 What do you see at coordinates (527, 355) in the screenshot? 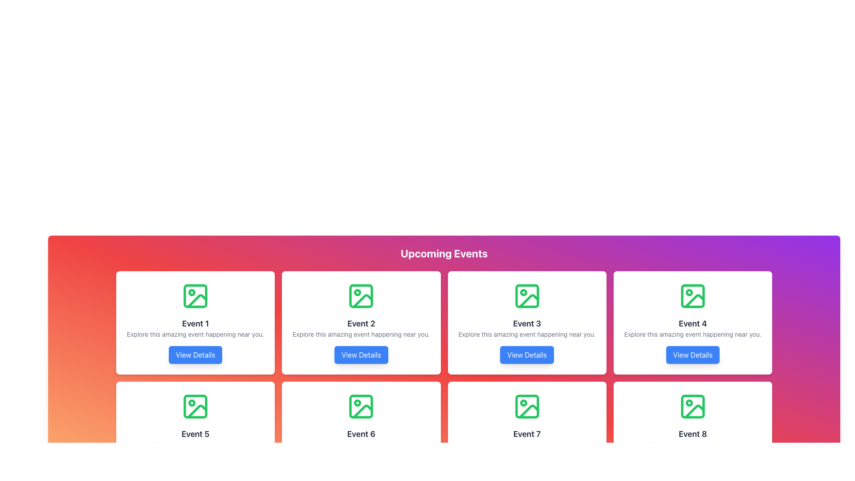
I see `the rectangular button with rounded corners that has a blue background and white text saying 'View Details' to observe the background color change` at bounding box center [527, 355].